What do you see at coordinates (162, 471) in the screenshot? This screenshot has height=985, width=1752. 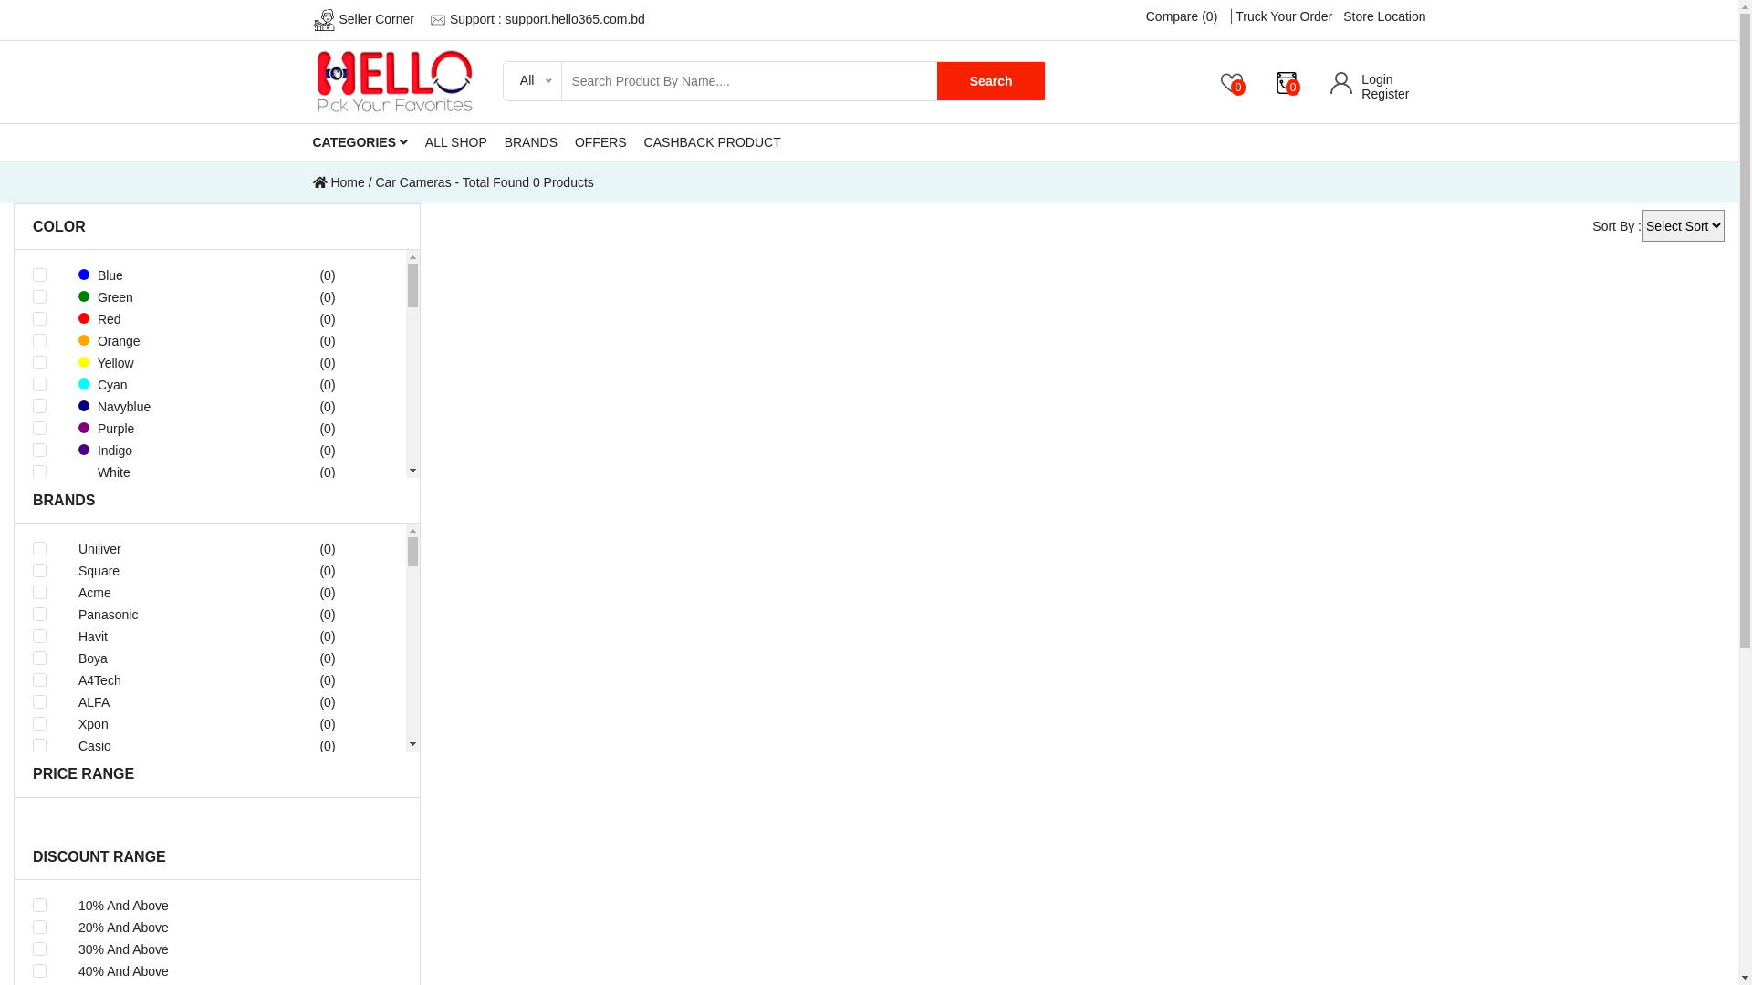 I see `'White'` at bounding box center [162, 471].